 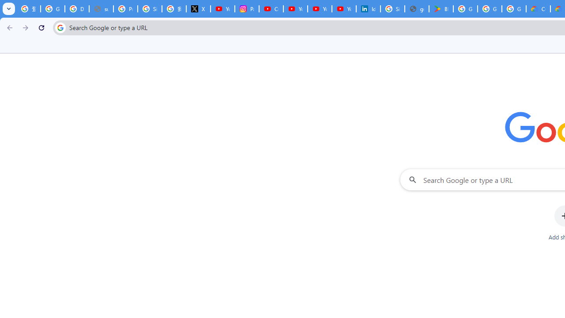 What do you see at coordinates (489, 9) in the screenshot?
I see `'Google Workspace - Specific Terms'` at bounding box center [489, 9].